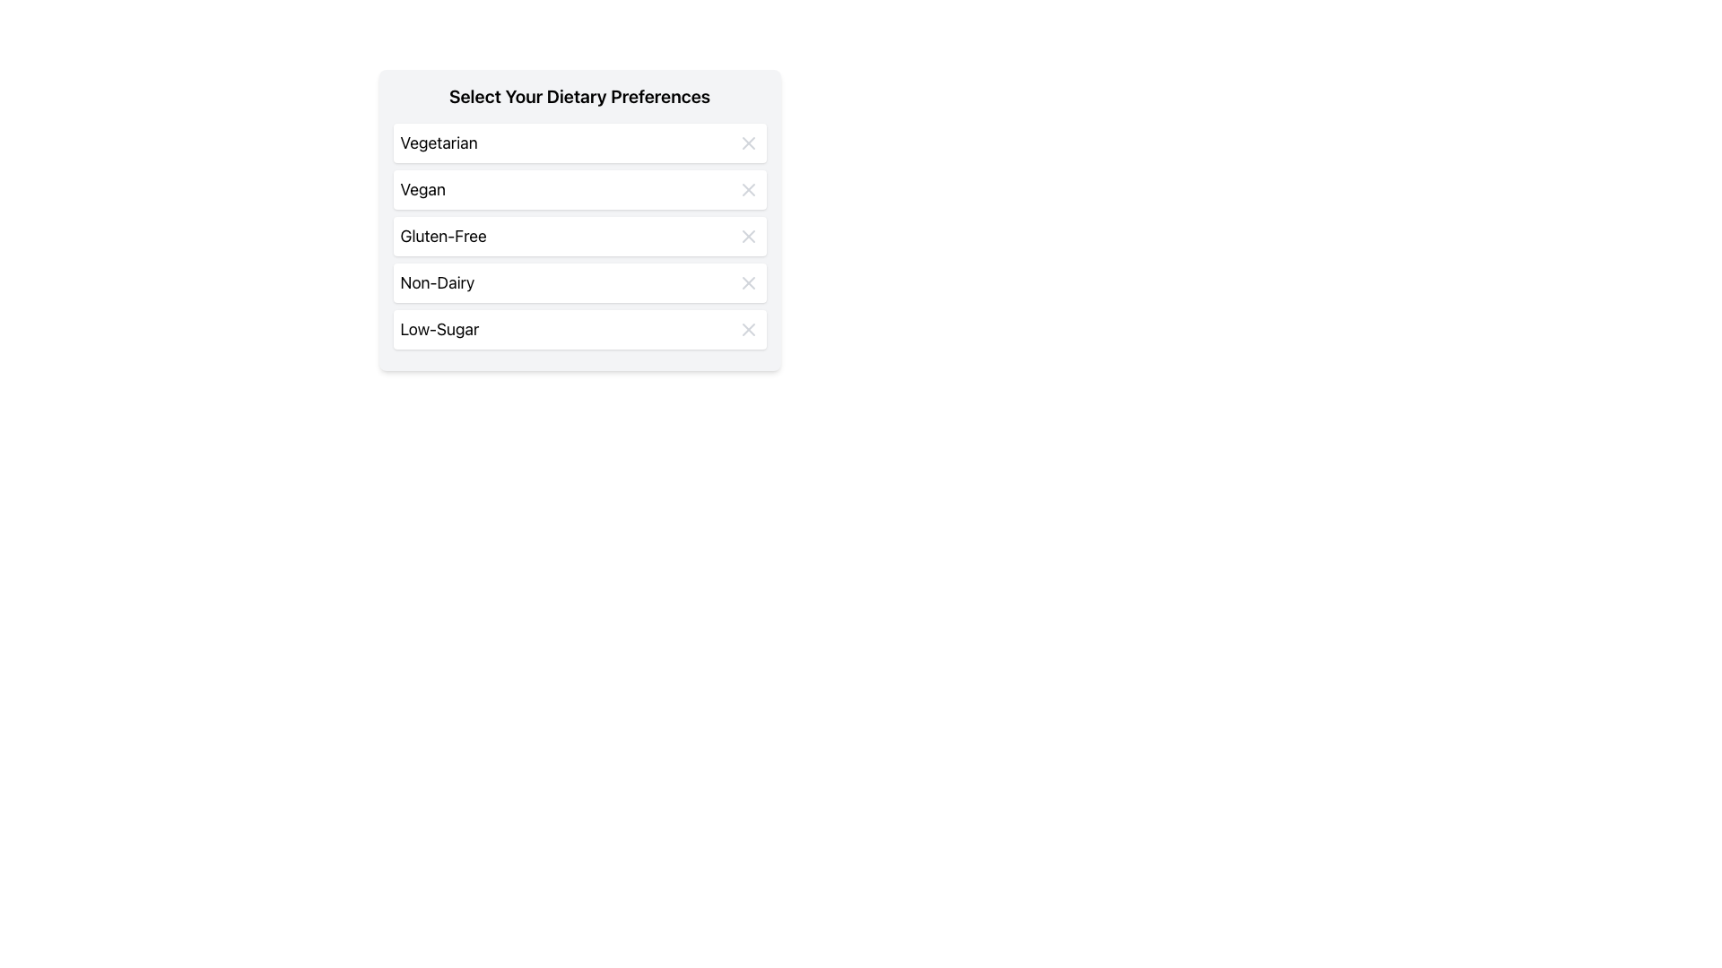 The height and width of the screenshot is (968, 1722). What do you see at coordinates (437, 282) in the screenshot?
I see `the 'Non-Dairy' text label located in the third item of the 'Select Your Dietary Preferences' list` at bounding box center [437, 282].